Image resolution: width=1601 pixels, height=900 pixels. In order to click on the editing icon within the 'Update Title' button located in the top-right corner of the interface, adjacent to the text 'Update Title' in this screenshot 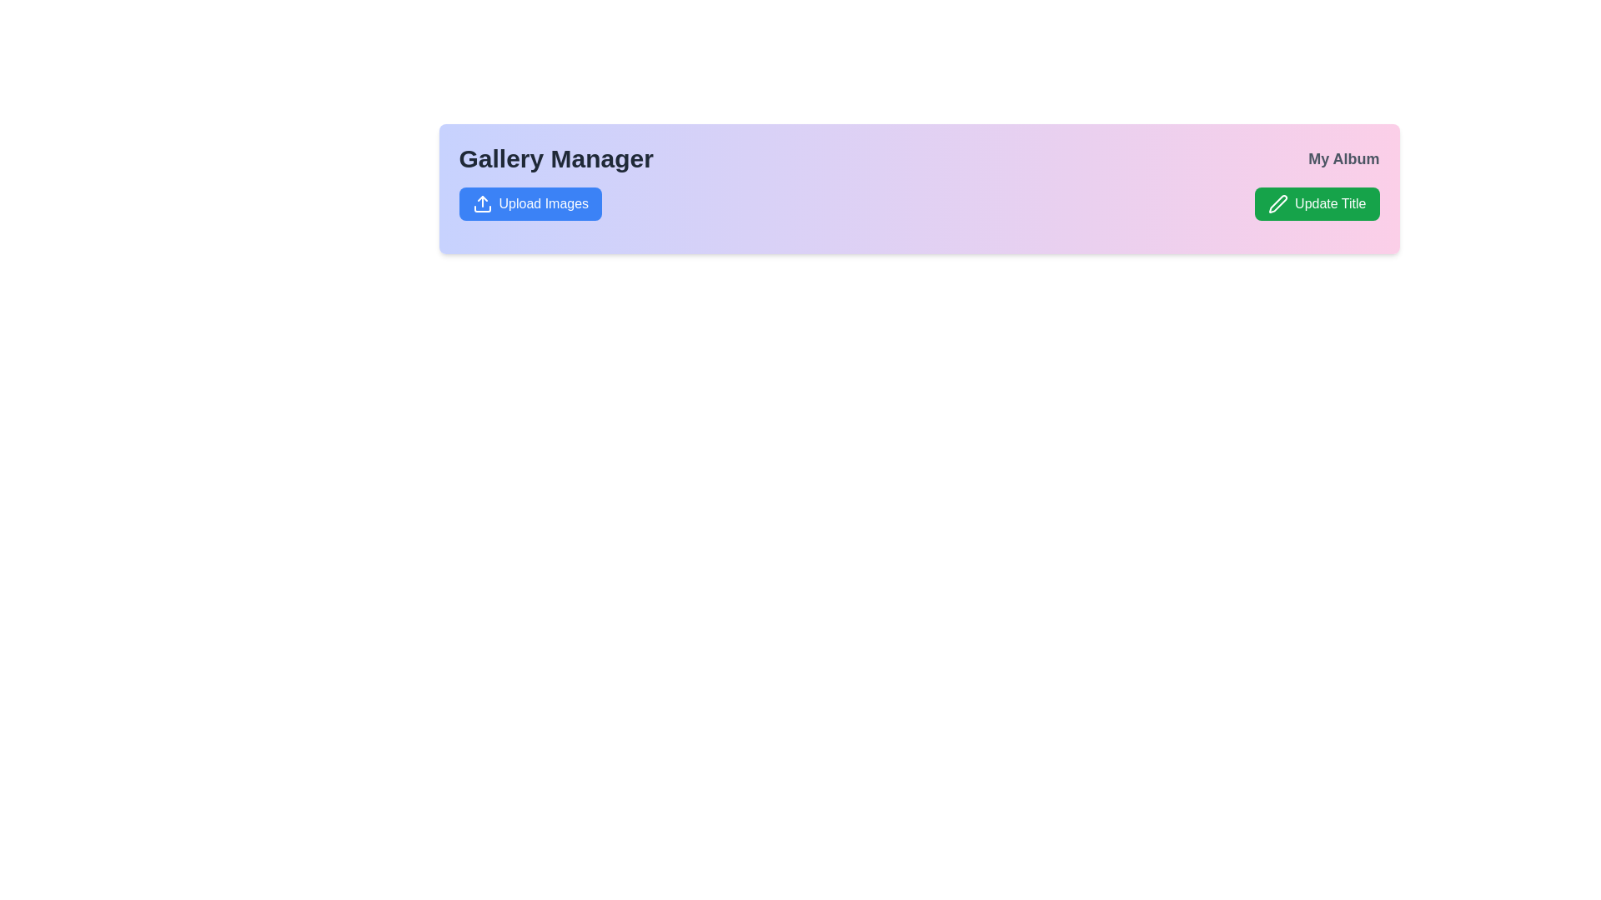, I will do `click(1277, 203)`.